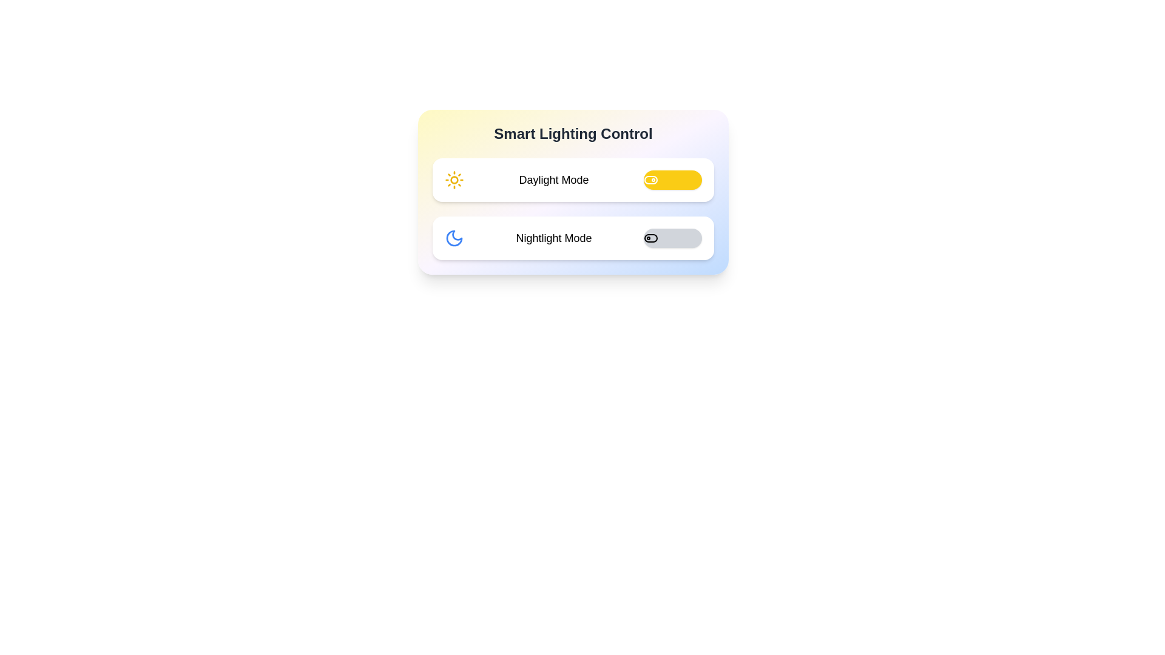 The width and height of the screenshot is (1165, 655). Describe the element at coordinates (672, 180) in the screenshot. I see `the toggle switch styled as a button` at that location.